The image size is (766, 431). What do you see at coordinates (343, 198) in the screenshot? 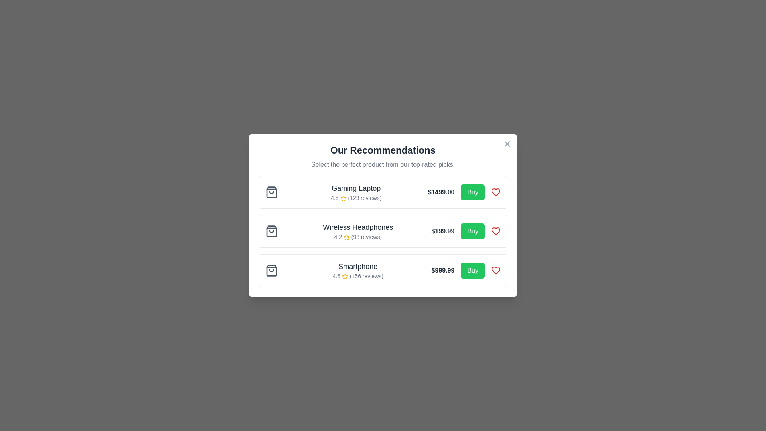
I see `the star-shaped icon that represents a rating of 4.5 in the recommendations dialog box for 'Gaming Laptop'` at bounding box center [343, 198].